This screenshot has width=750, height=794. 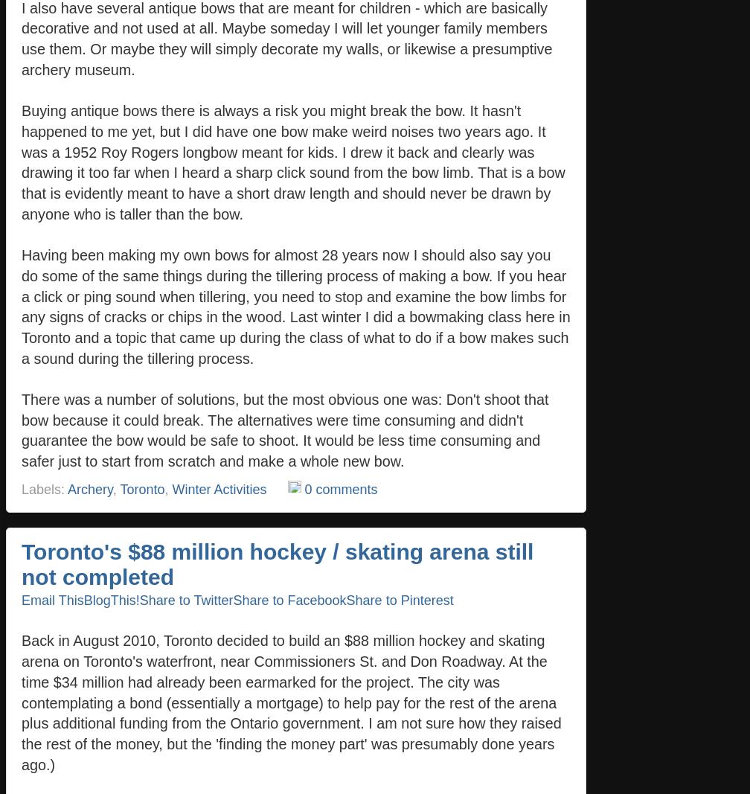 I want to click on 'Share to Pinterest', so click(x=399, y=599).